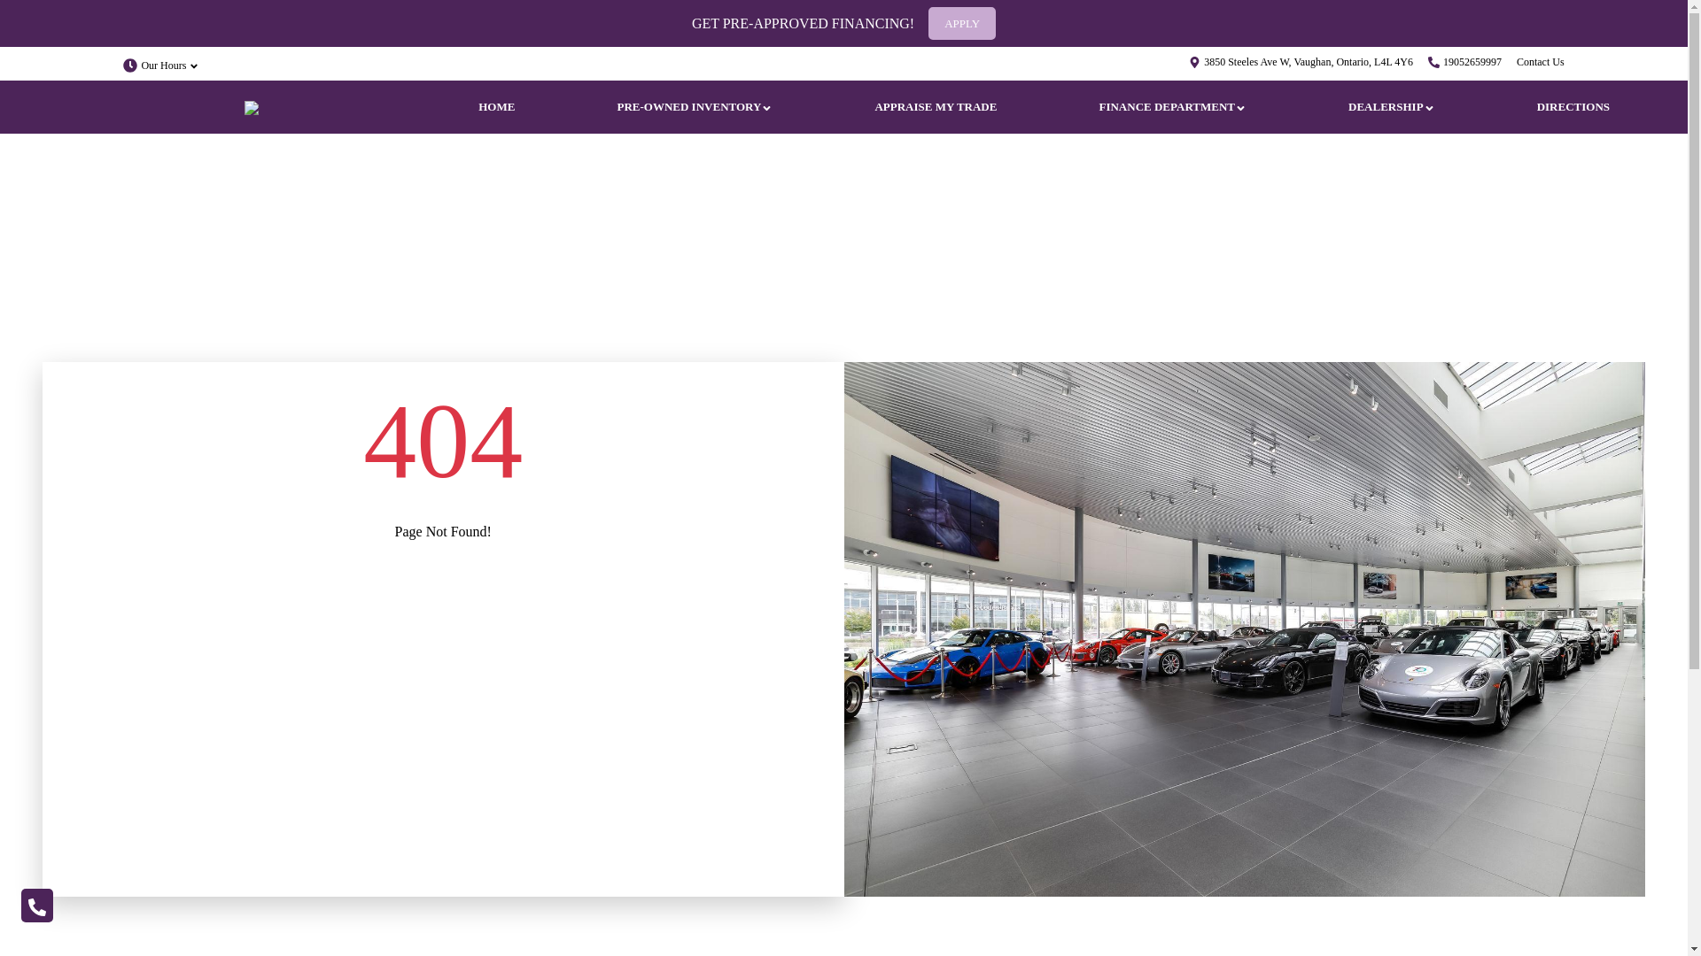 The image size is (1701, 956). What do you see at coordinates (1390, 106) in the screenshot?
I see `'DEALERSHIP'` at bounding box center [1390, 106].